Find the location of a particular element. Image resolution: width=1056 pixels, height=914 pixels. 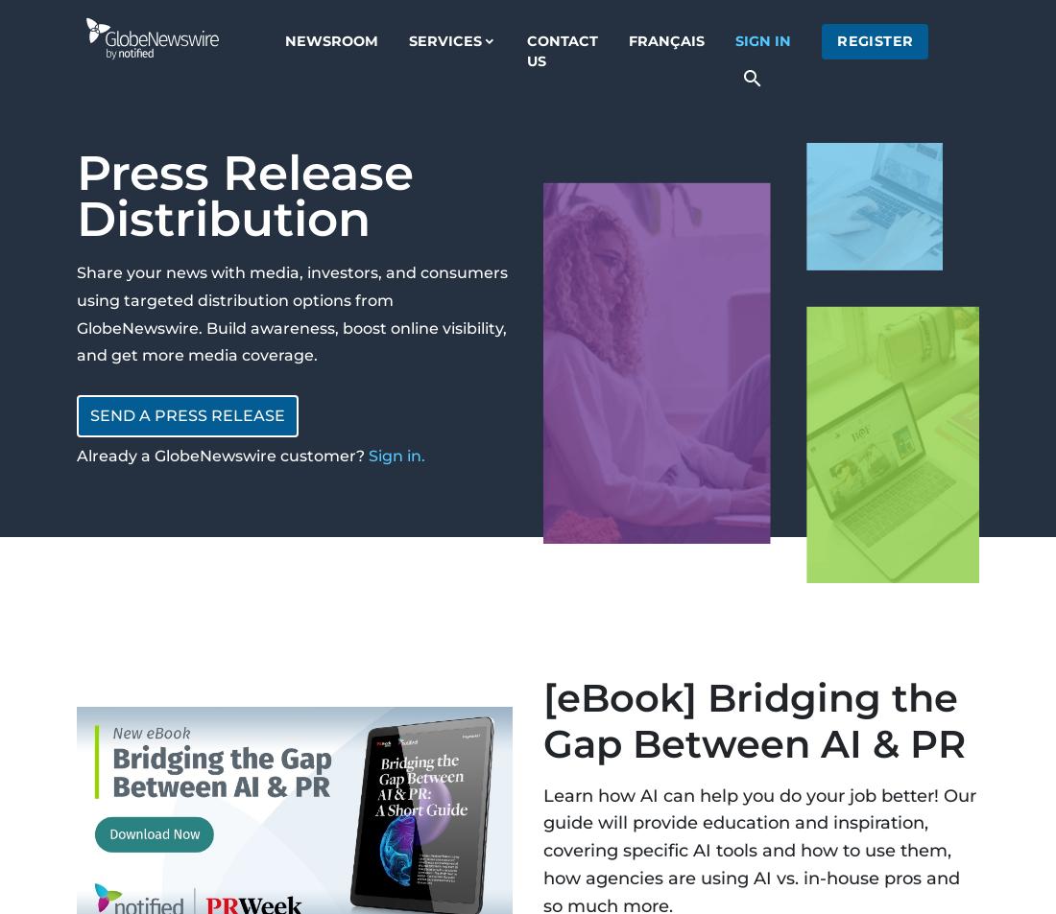

'search' is located at coordinates (740, 77).